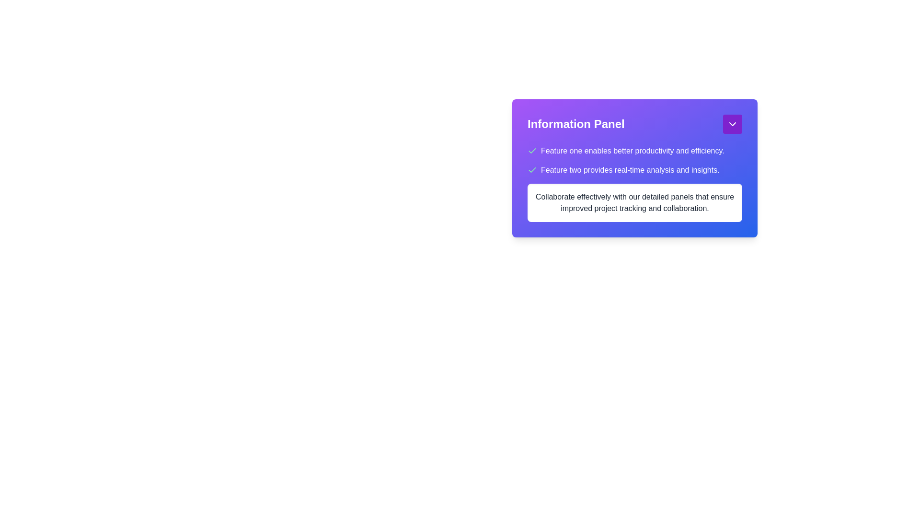 Image resolution: width=920 pixels, height=518 pixels. Describe the element at coordinates (732, 123) in the screenshot. I see `the toggle button located at the top-right corner of the Information Panel to ensure accessibility` at that location.